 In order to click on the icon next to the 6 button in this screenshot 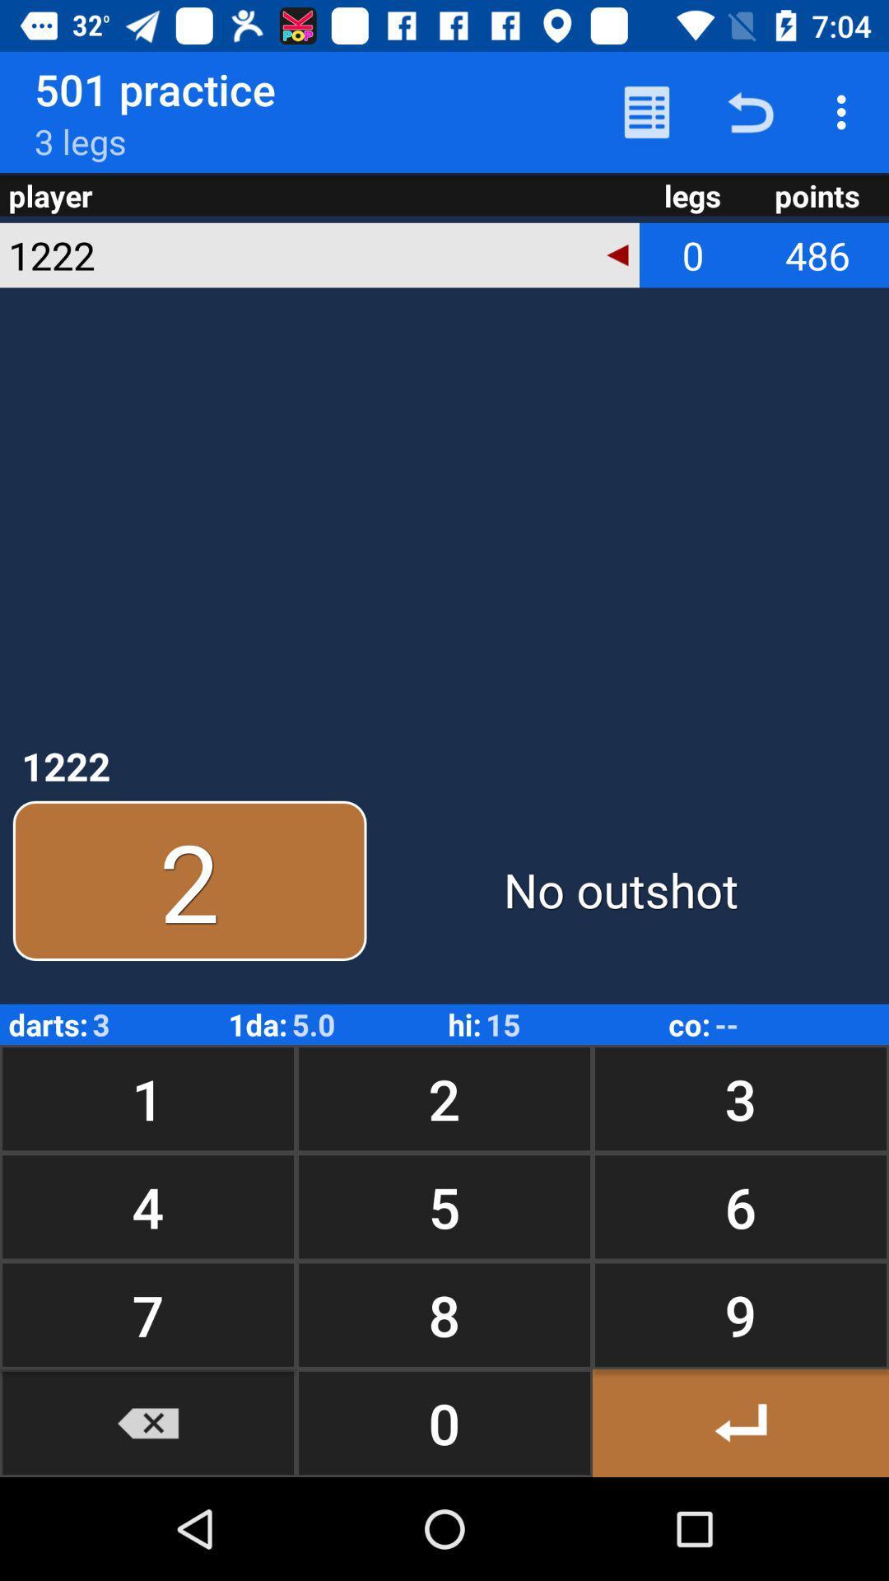, I will do `click(444, 1314)`.